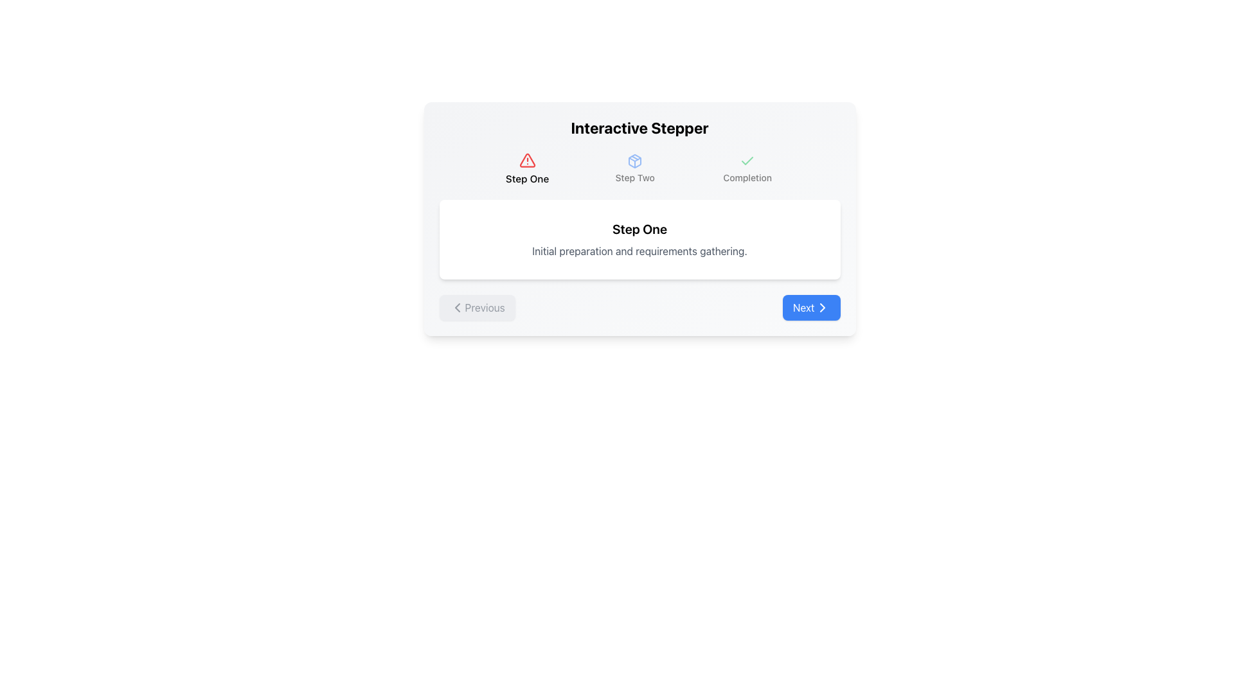 The height and width of the screenshot is (694, 1234). What do you see at coordinates (821, 307) in the screenshot?
I see `the chevron SVG icon within the 'Next' button located in the lower-right corner of the interface` at bounding box center [821, 307].